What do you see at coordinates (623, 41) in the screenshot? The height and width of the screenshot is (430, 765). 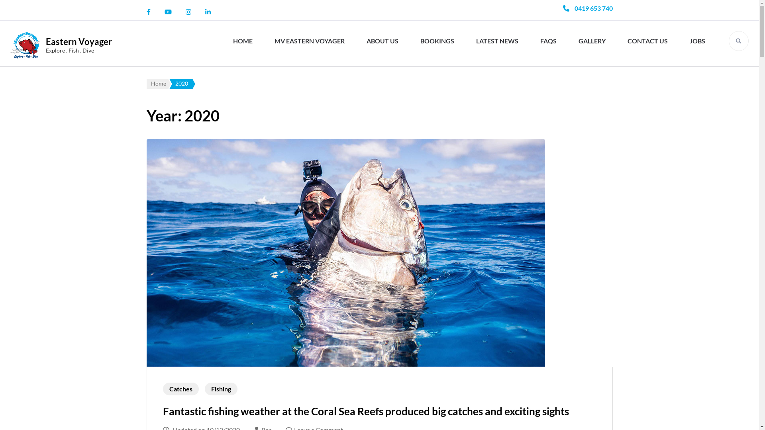 I see `'CONTACT US'` at bounding box center [623, 41].